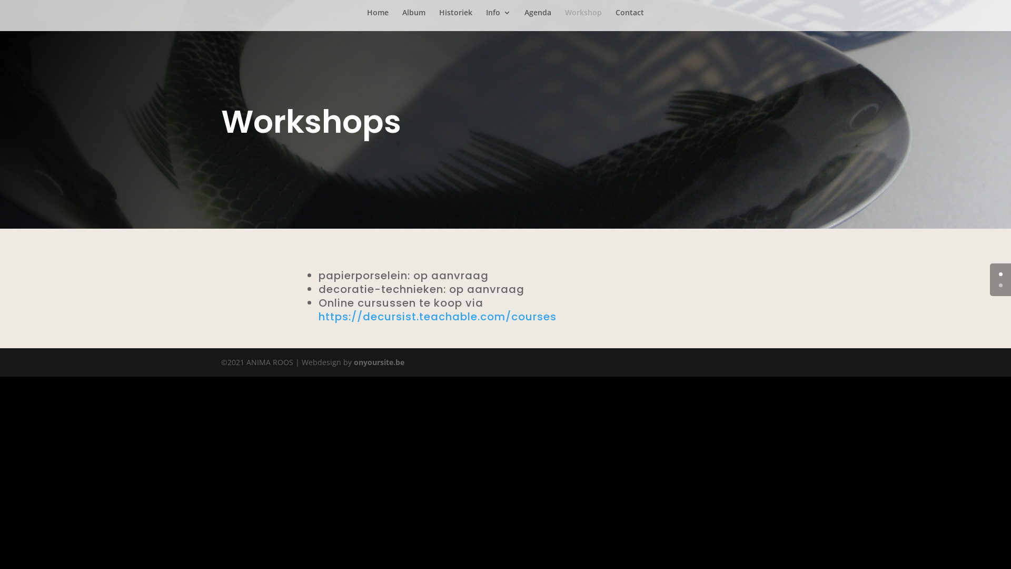 The width and height of the screenshot is (1011, 569). What do you see at coordinates (378, 20) in the screenshot?
I see `'Home'` at bounding box center [378, 20].